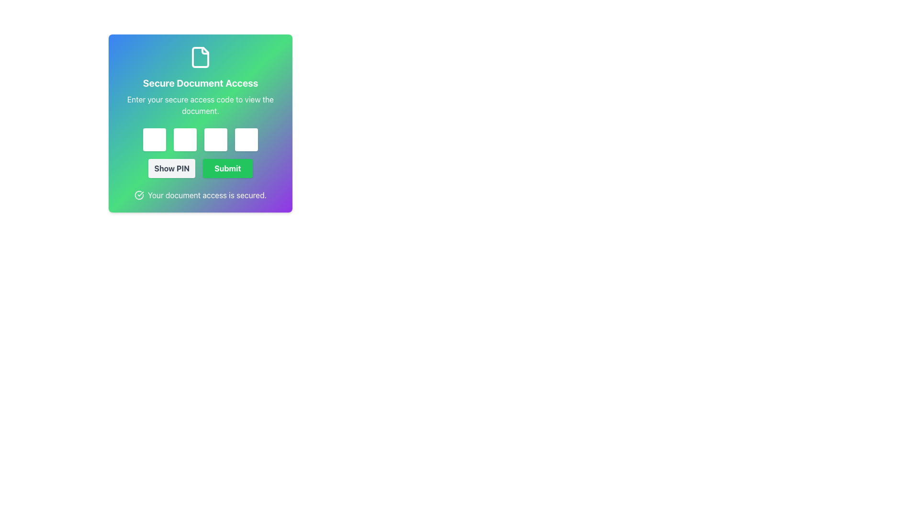 The image size is (919, 517). Describe the element at coordinates (154, 140) in the screenshot. I see `the first Password input field in the grid layout, which allows the user to input a character of a password` at that location.